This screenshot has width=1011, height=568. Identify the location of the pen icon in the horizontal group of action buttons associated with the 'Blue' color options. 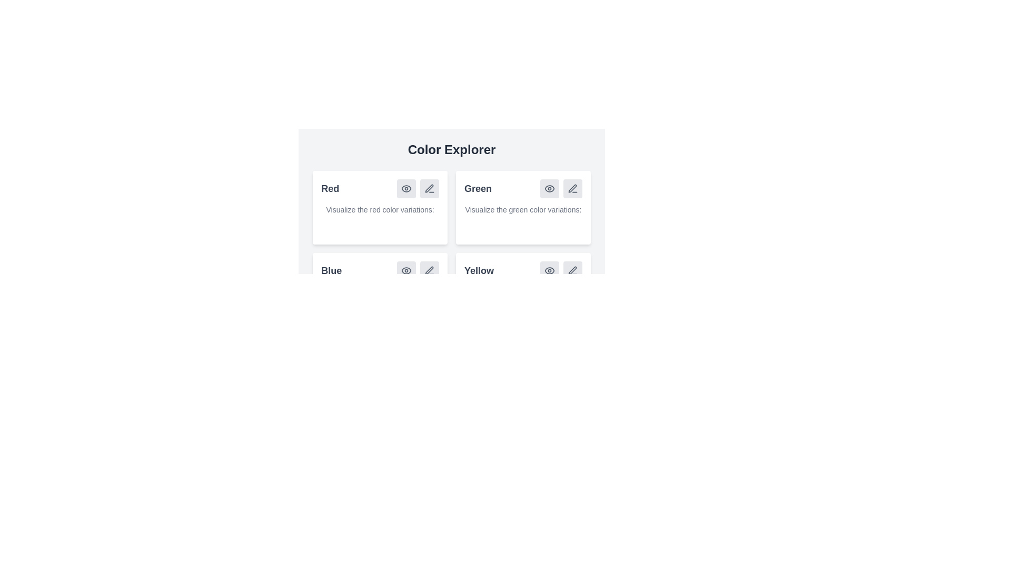
(417, 270).